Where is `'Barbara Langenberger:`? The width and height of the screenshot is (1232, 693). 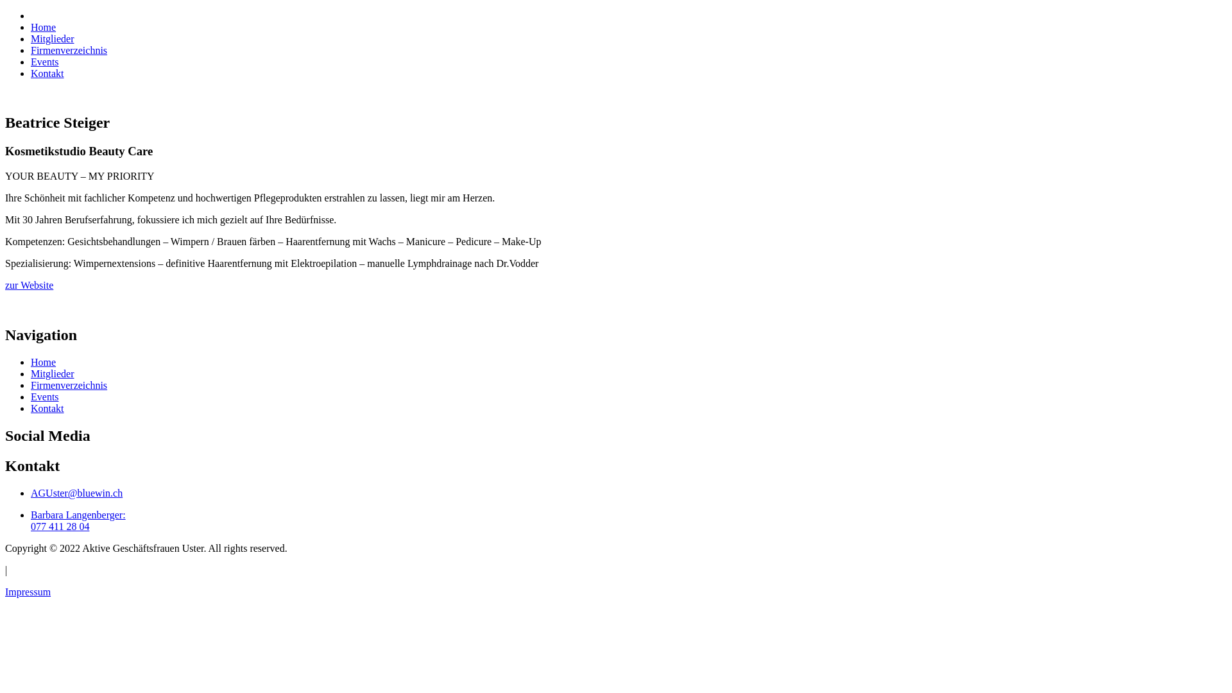
'Barbara Langenberger: is located at coordinates (31, 520).